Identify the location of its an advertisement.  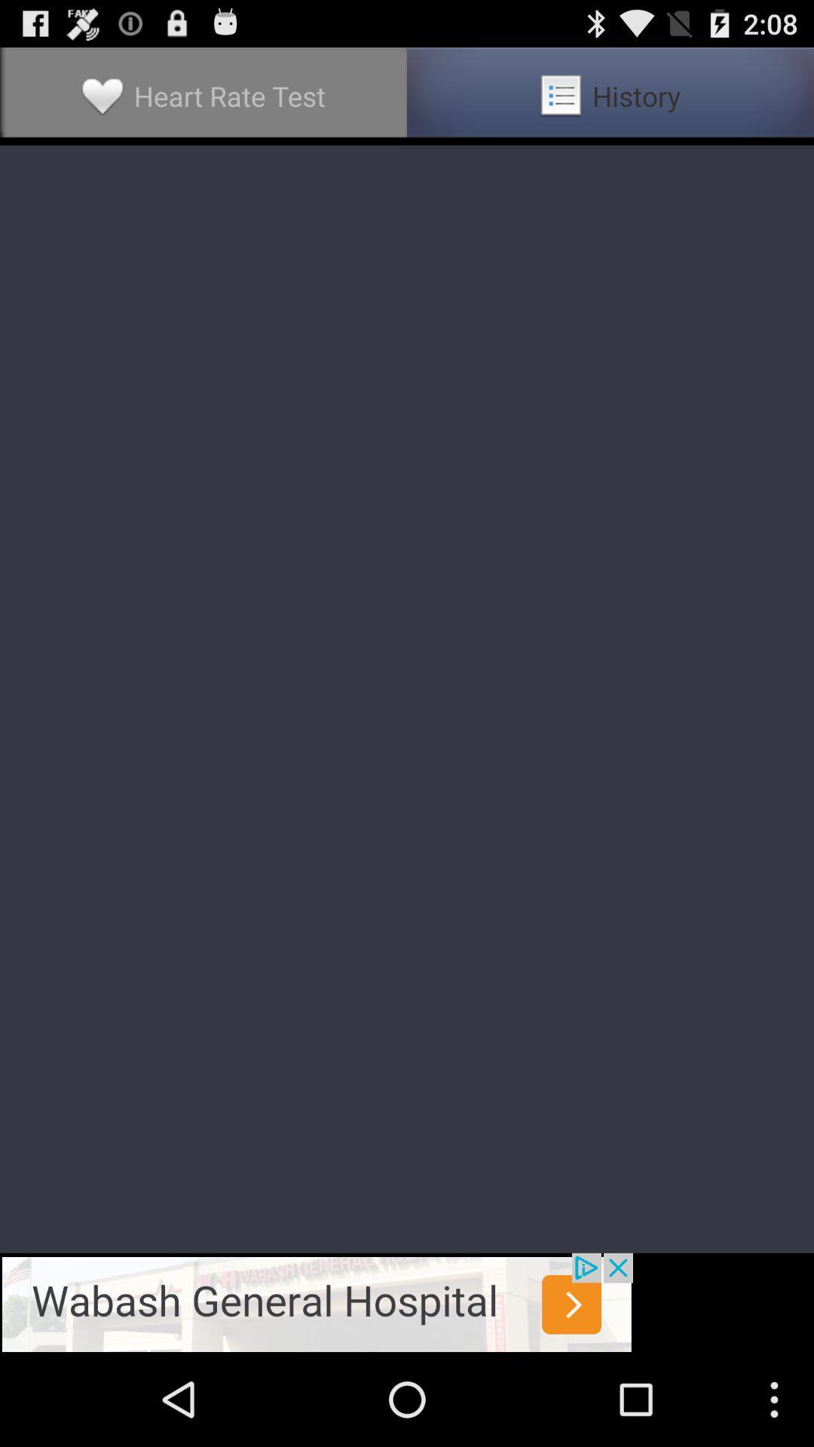
(316, 1302).